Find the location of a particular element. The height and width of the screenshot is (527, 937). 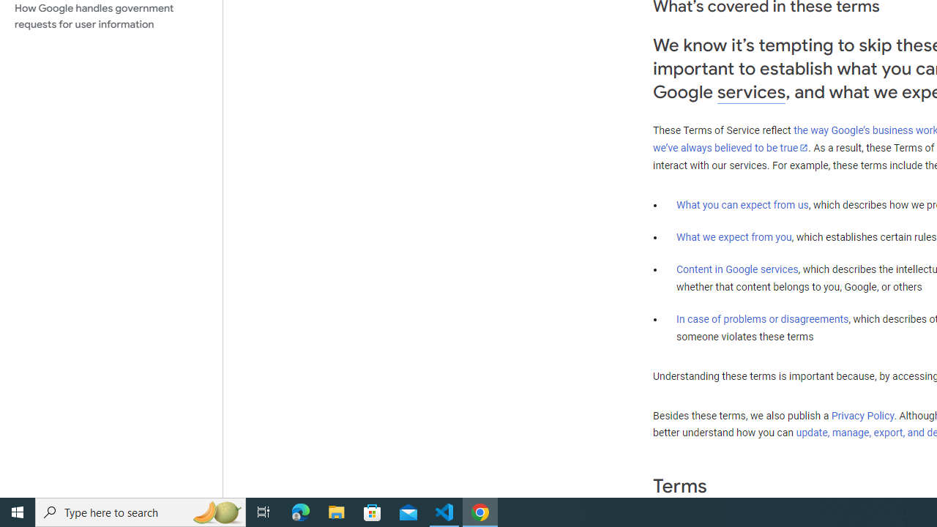

'What we expect from you' is located at coordinates (733, 236).